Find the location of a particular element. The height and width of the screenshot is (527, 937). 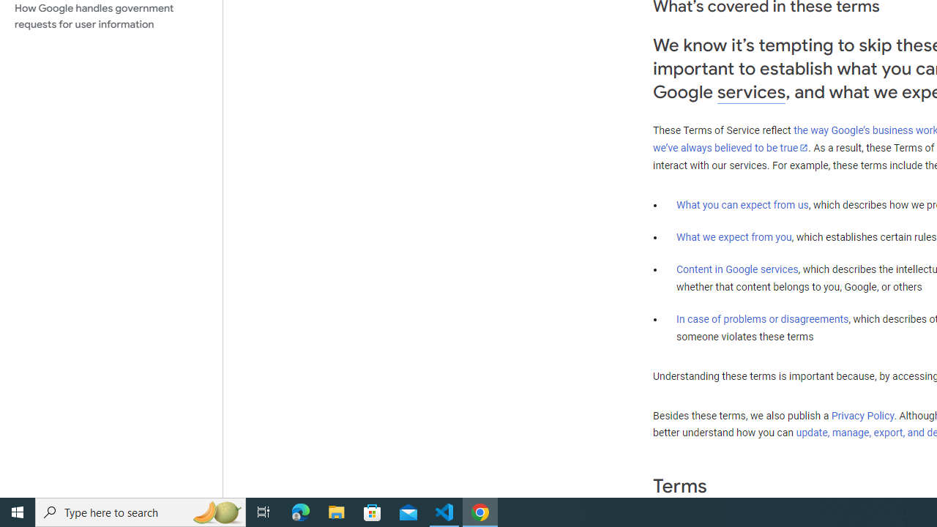

'What we expect from you' is located at coordinates (733, 236).